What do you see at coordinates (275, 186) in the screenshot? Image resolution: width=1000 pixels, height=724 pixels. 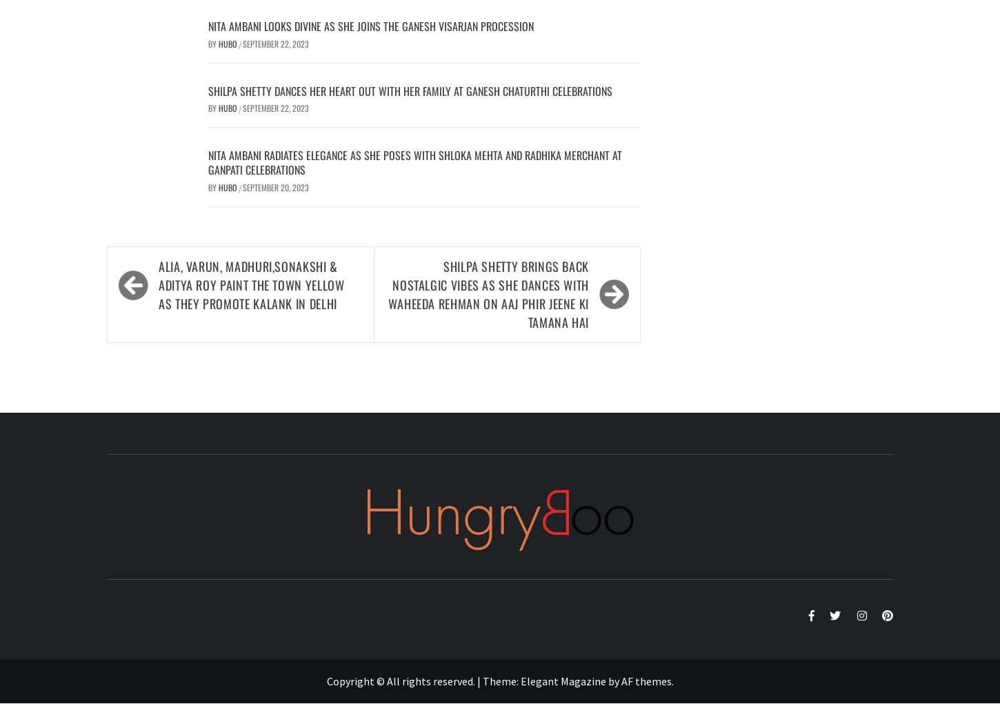 I see `'September 20, 2023'` at bounding box center [275, 186].